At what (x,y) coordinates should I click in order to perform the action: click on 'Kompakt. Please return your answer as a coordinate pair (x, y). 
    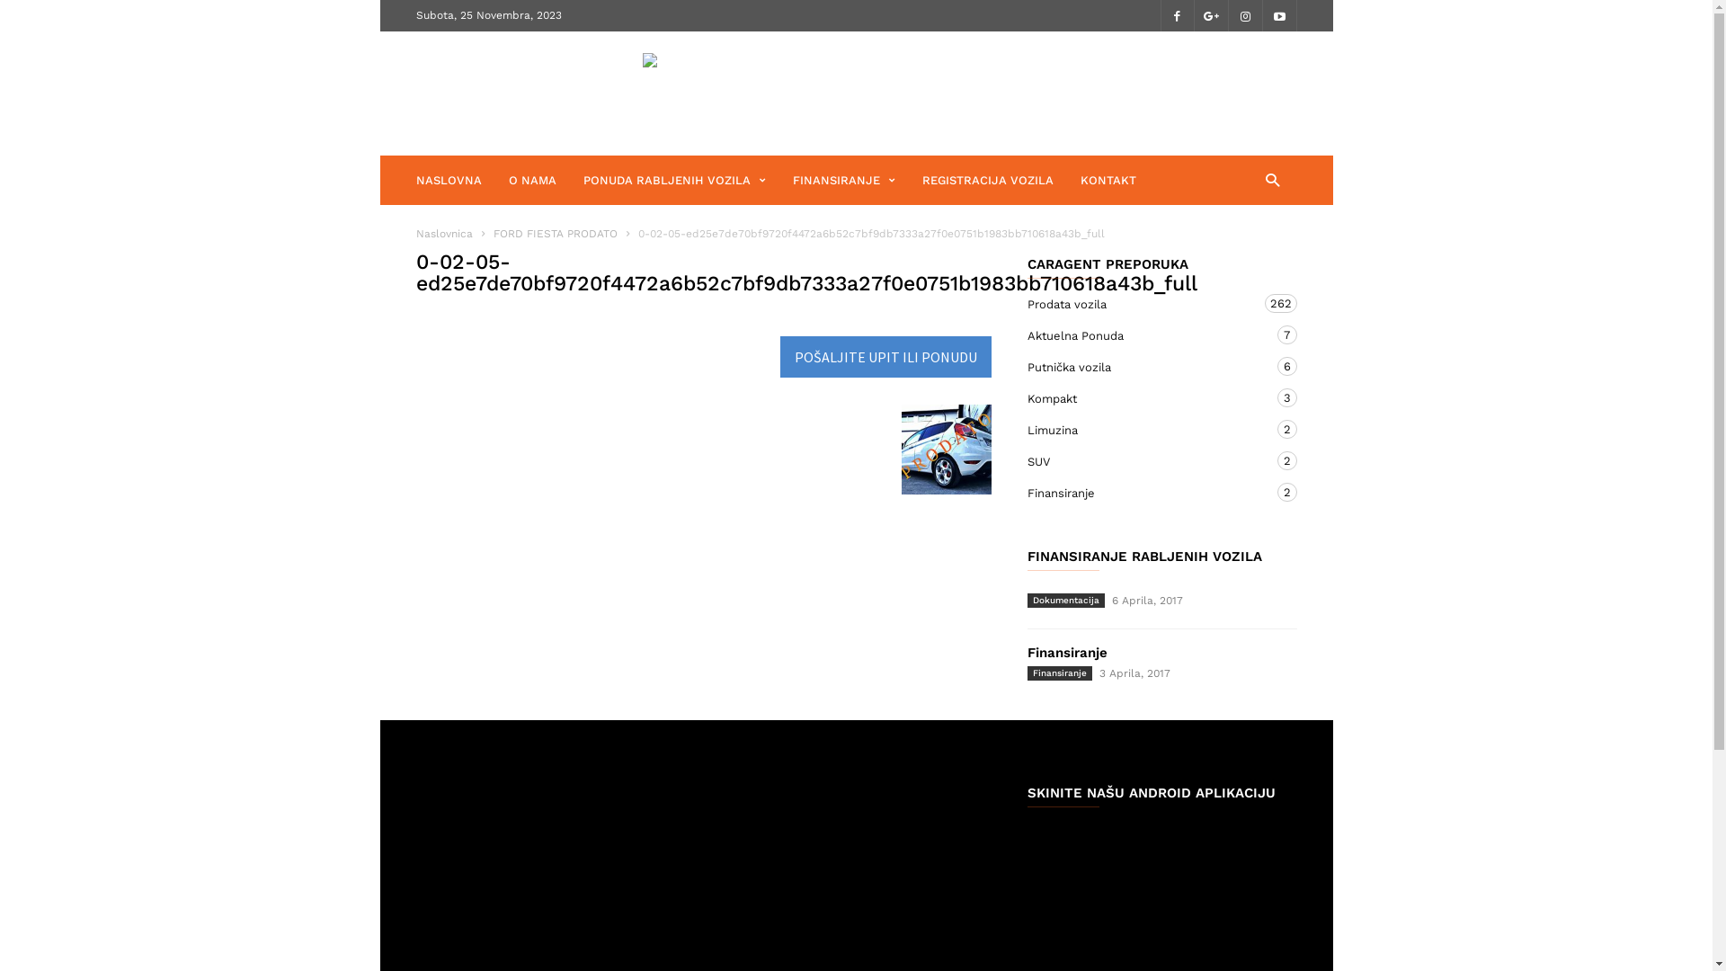
    Looking at the image, I should click on (1143, 397).